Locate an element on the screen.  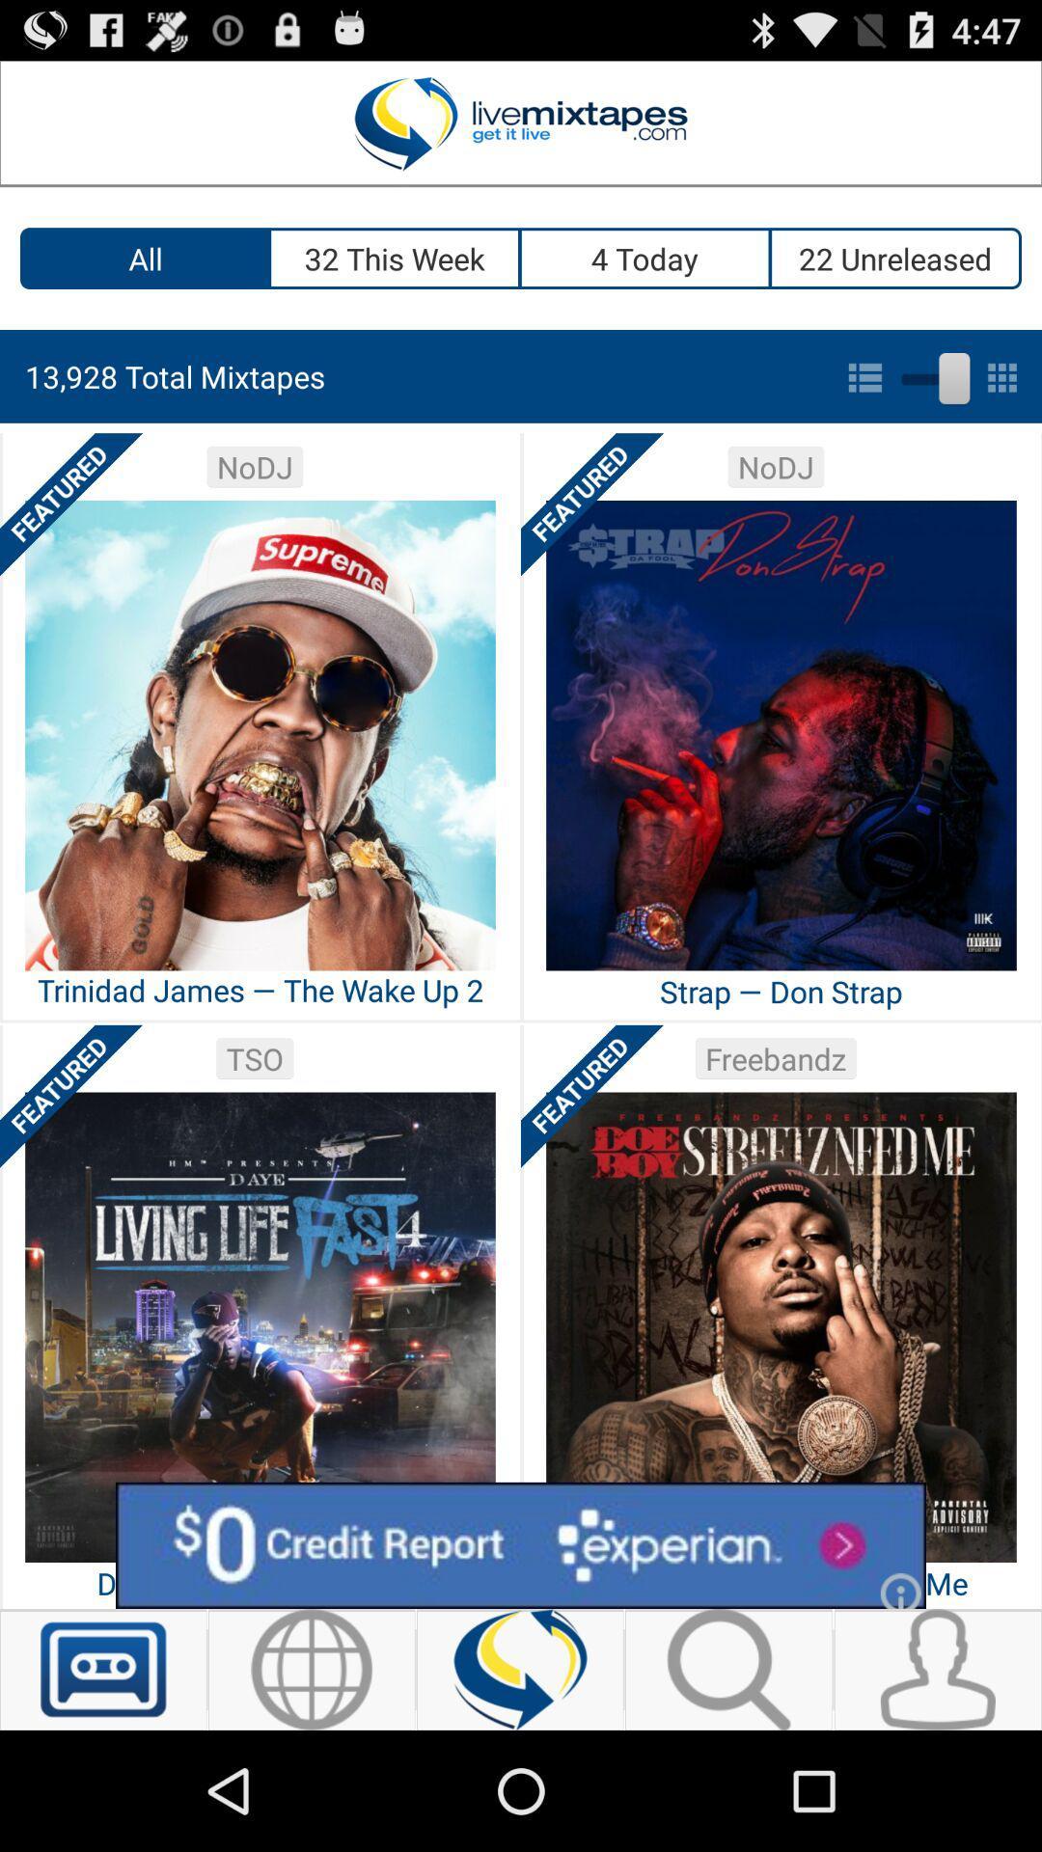
advertisement is located at coordinates (521, 1545).